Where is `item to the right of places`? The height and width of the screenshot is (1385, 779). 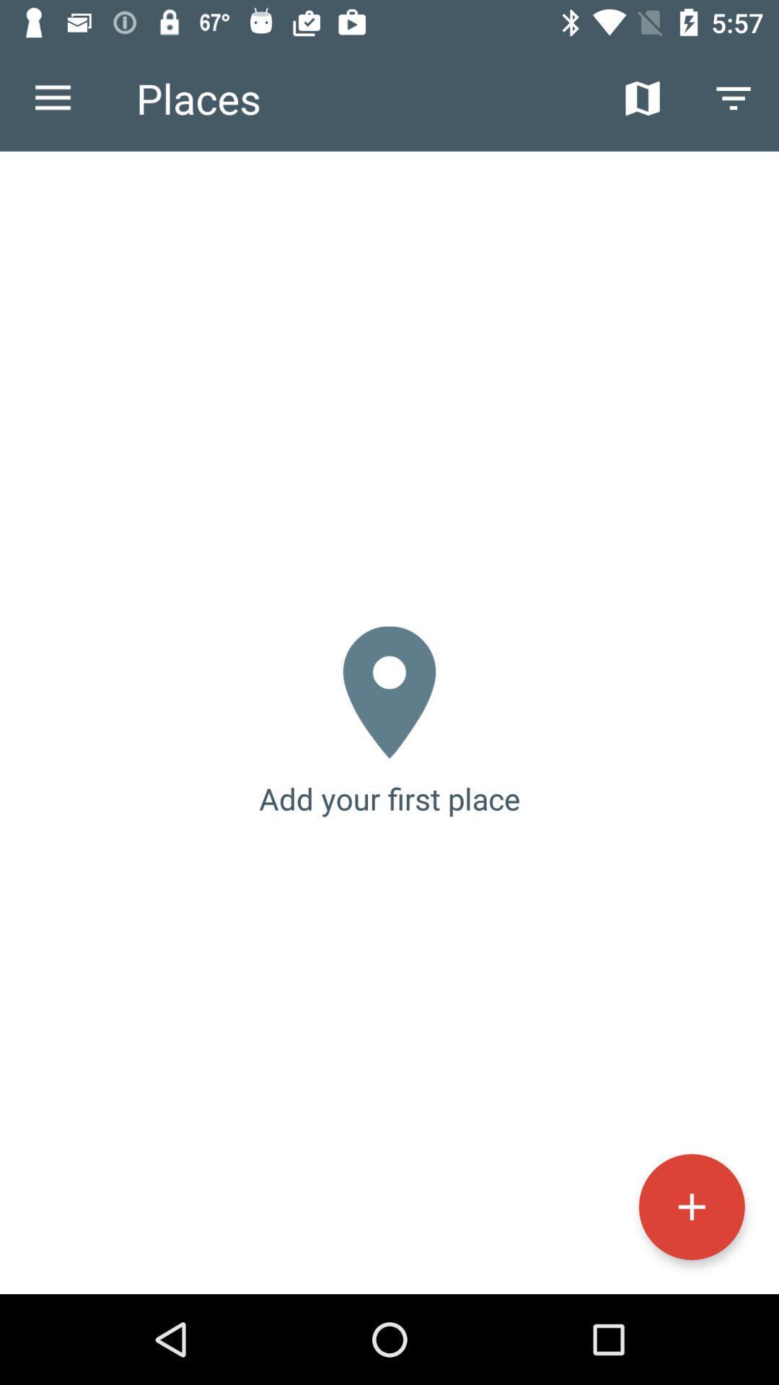 item to the right of places is located at coordinates (642, 97).